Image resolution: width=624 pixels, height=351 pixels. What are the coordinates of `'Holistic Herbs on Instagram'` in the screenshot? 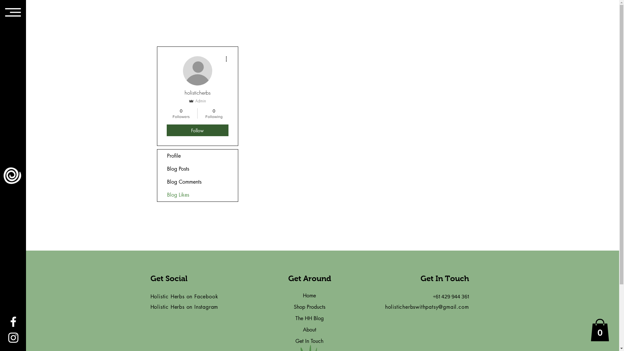 It's located at (184, 307).